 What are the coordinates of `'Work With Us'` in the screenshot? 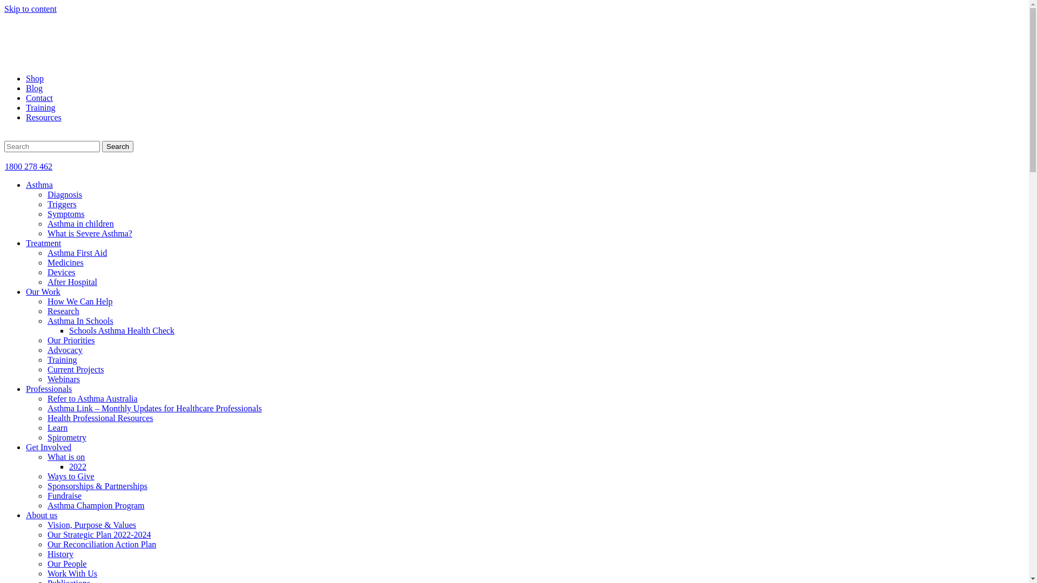 It's located at (72, 573).